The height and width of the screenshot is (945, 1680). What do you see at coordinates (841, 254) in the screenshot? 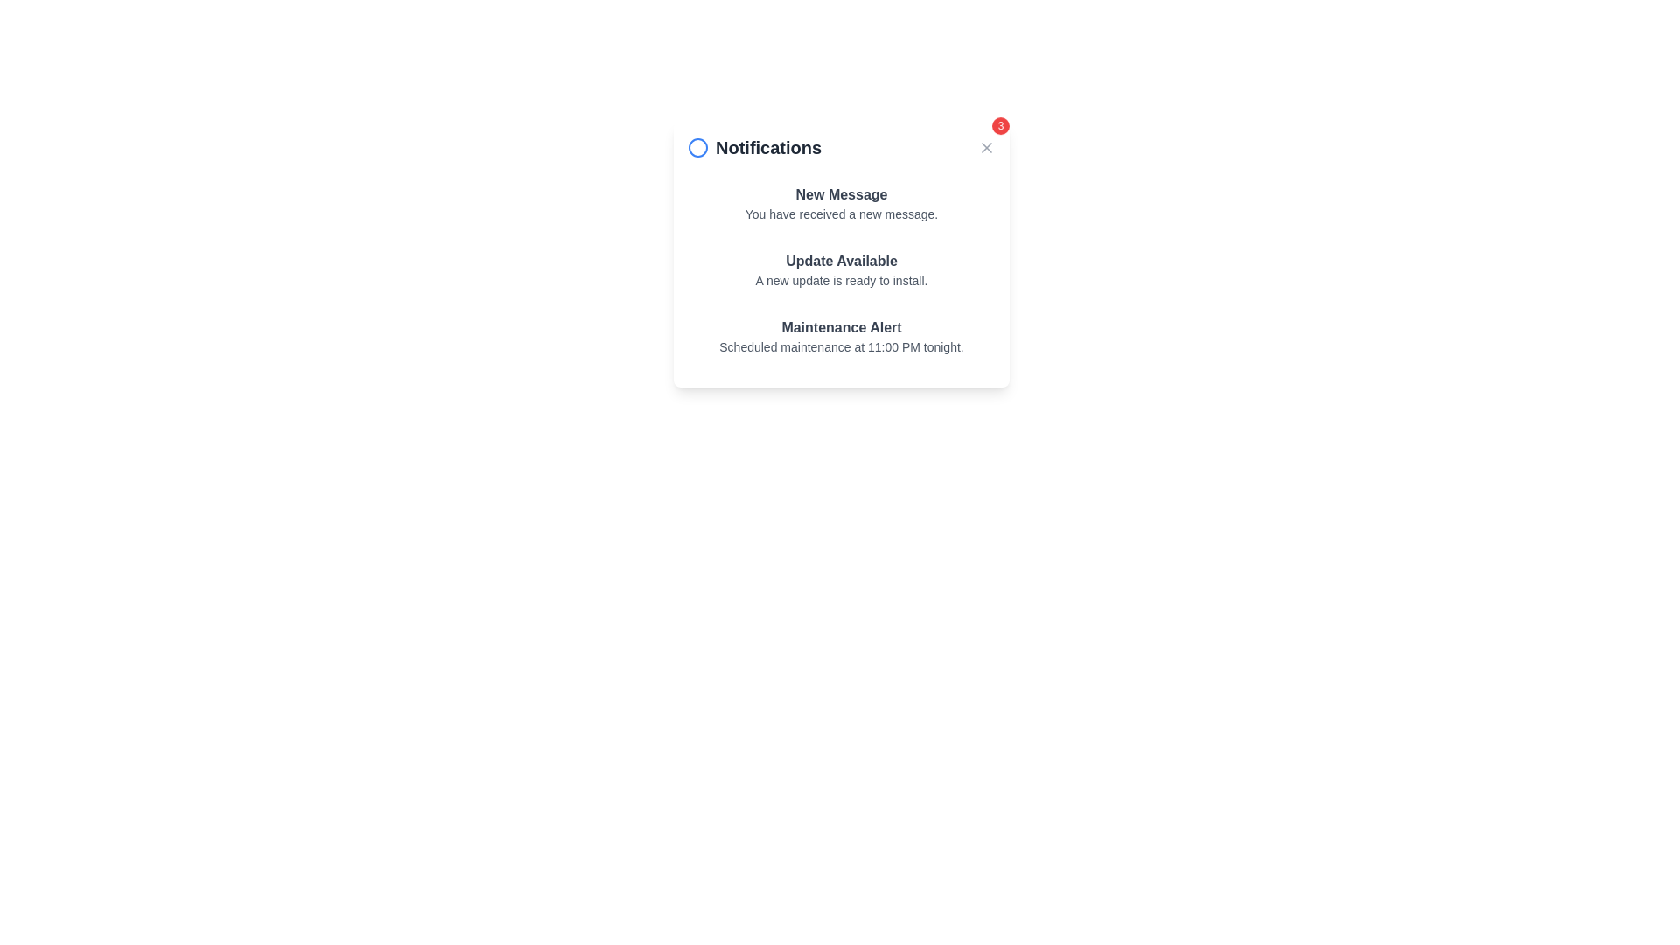
I see `text notification titled 'Update Available' which contains the description 'A new update is ready to install.'` at bounding box center [841, 254].